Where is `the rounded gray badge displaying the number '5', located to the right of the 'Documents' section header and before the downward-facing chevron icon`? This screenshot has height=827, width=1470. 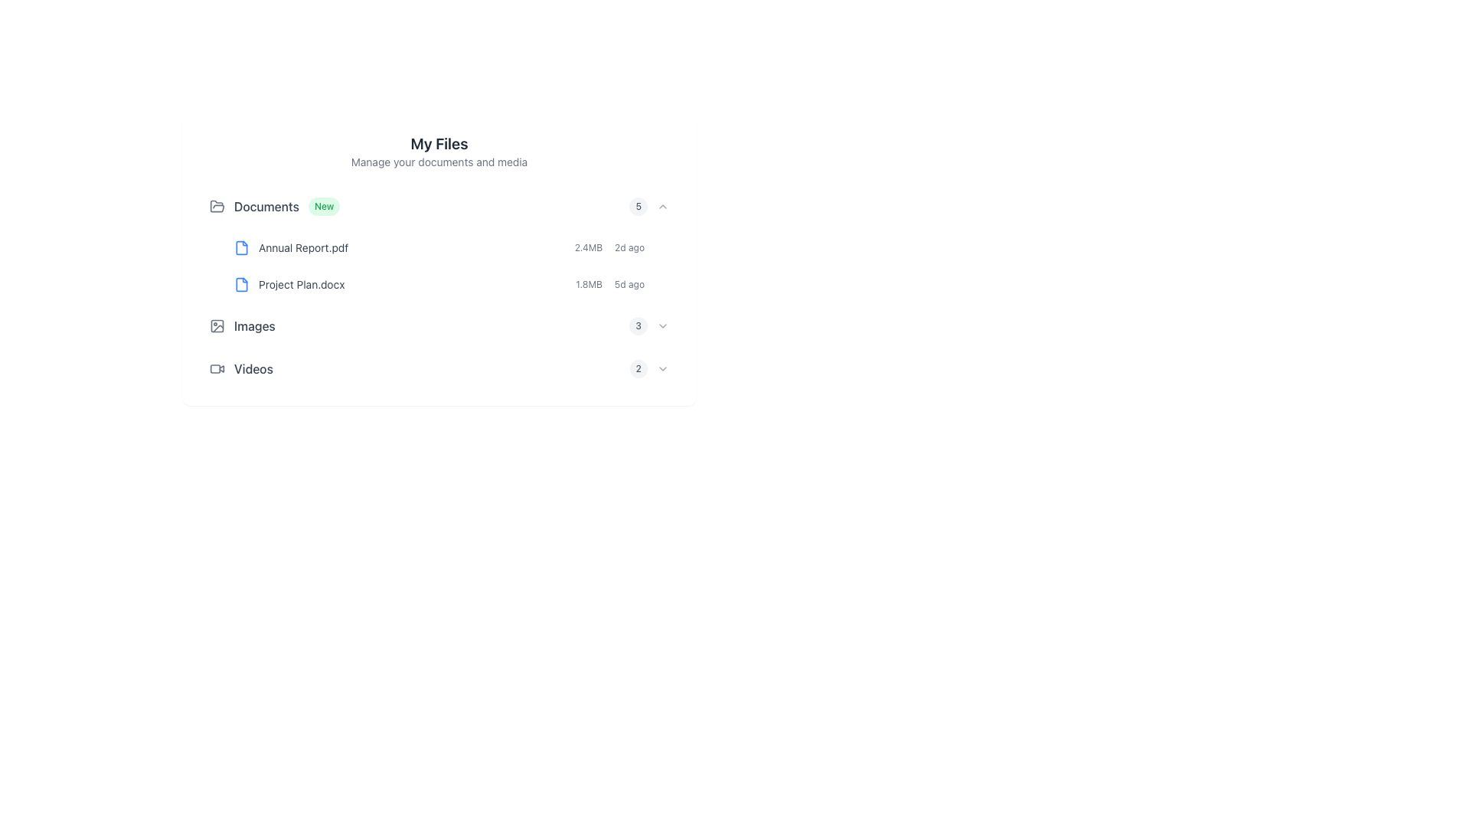
the rounded gray badge displaying the number '5', located to the right of the 'Documents' section header and before the downward-facing chevron icon is located at coordinates (639, 207).